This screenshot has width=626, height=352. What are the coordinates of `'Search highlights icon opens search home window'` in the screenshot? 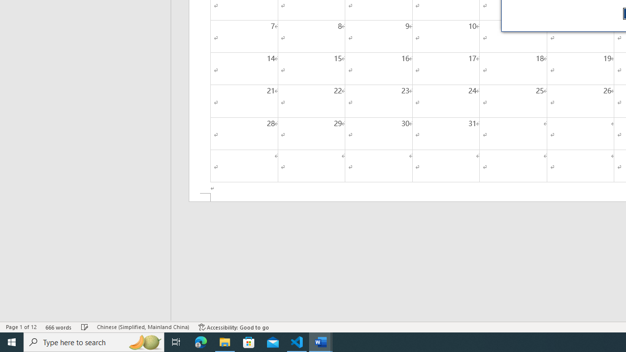 It's located at (144, 341).